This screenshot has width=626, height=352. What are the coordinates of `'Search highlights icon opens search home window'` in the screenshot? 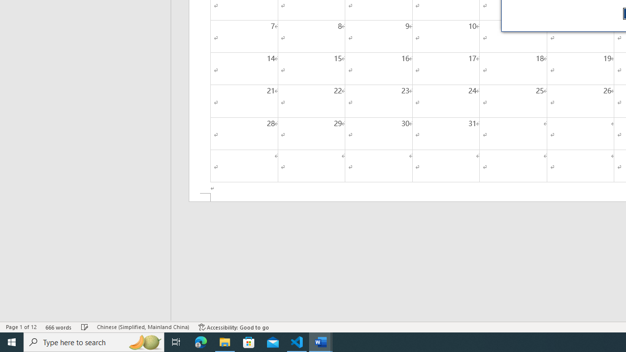 It's located at (144, 341).